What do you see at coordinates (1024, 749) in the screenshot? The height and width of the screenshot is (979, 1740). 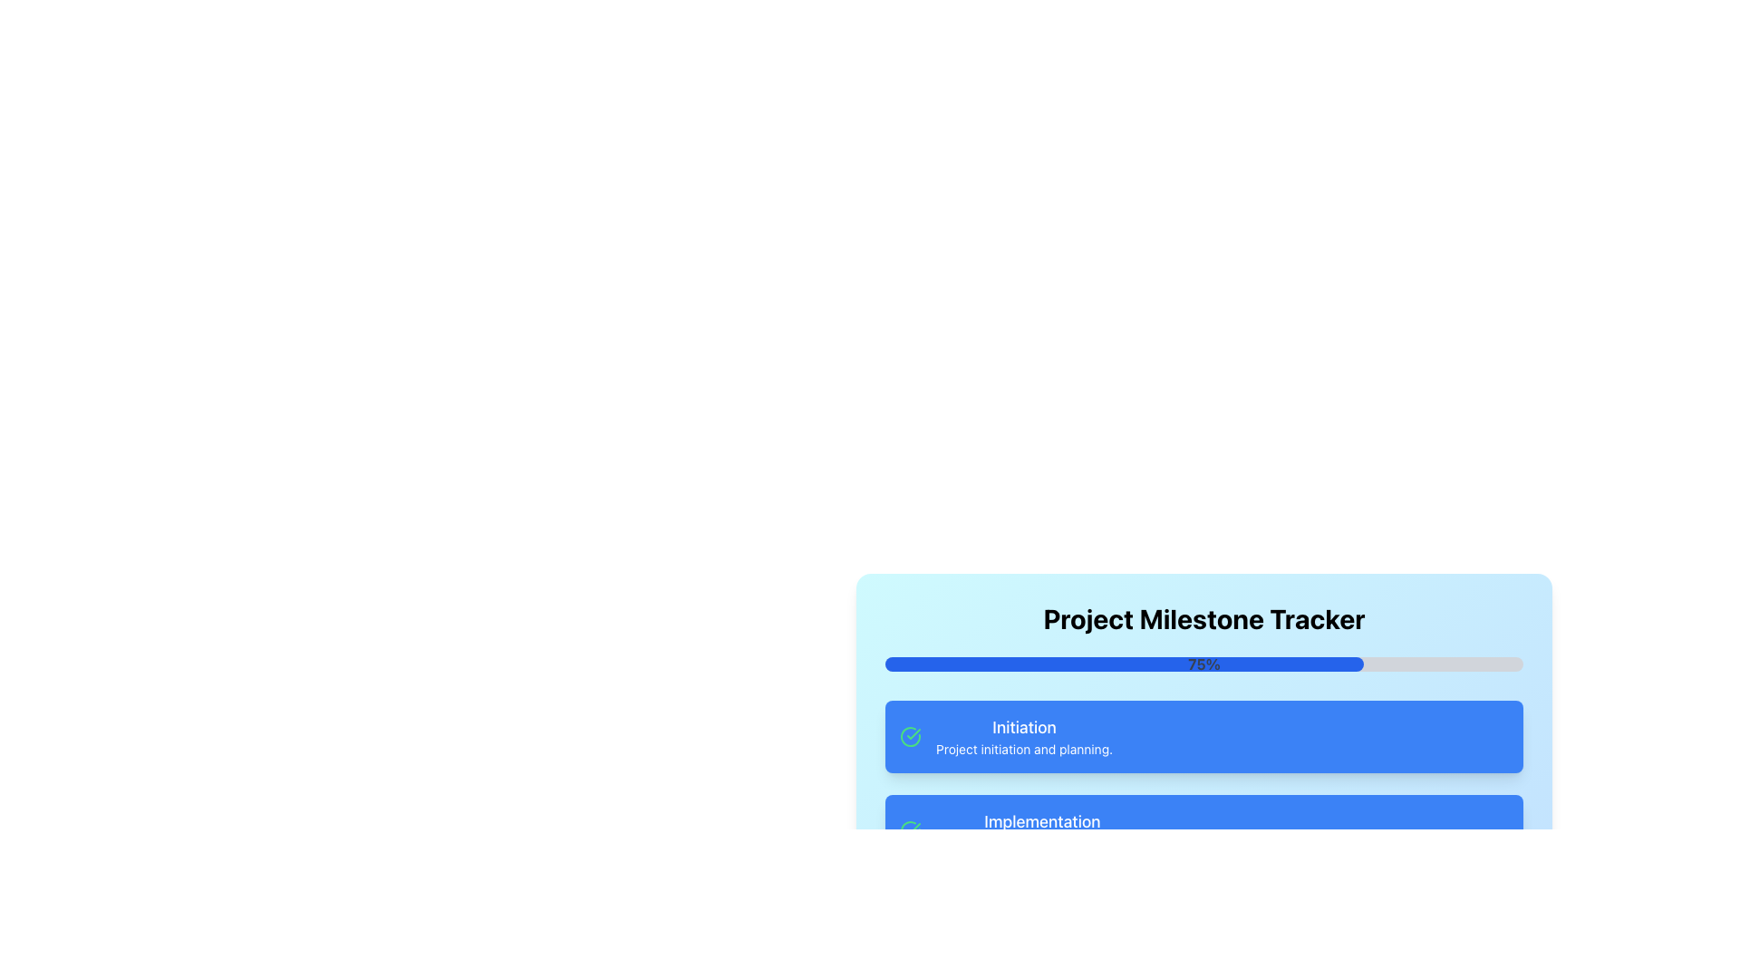 I see `the text element that contains the phrase 'Project initiation and planning', which is styled with a light font and is located beneath the bolded text 'Initiation' within a blue rectangular box` at bounding box center [1024, 749].